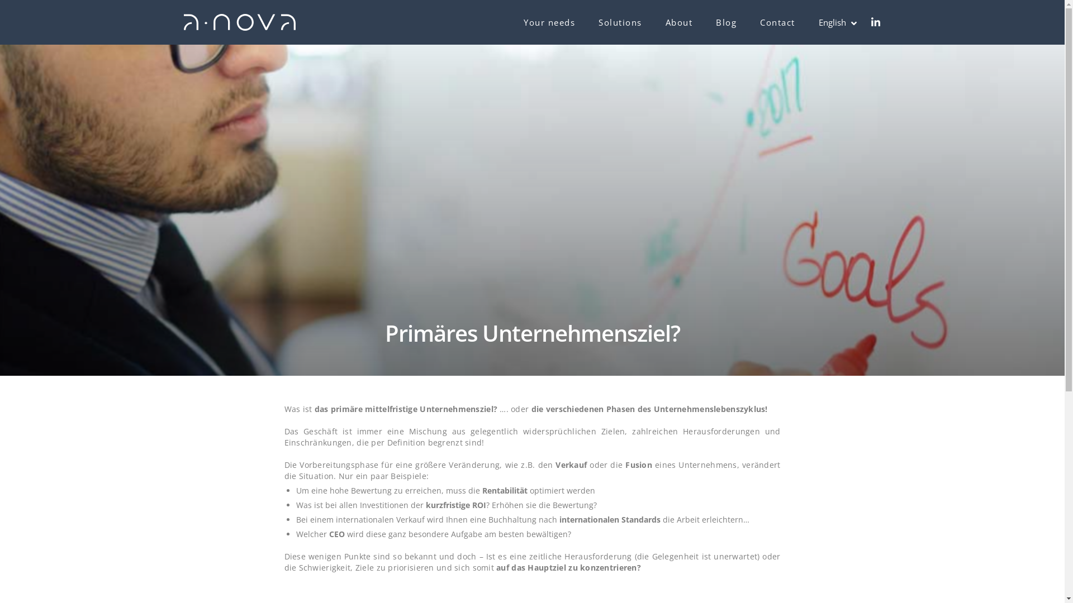 The height and width of the screenshot is (603, 1073). Describe the element at coordinates (549, 22) in the screenshot. I see `'Your needs'` at that location.